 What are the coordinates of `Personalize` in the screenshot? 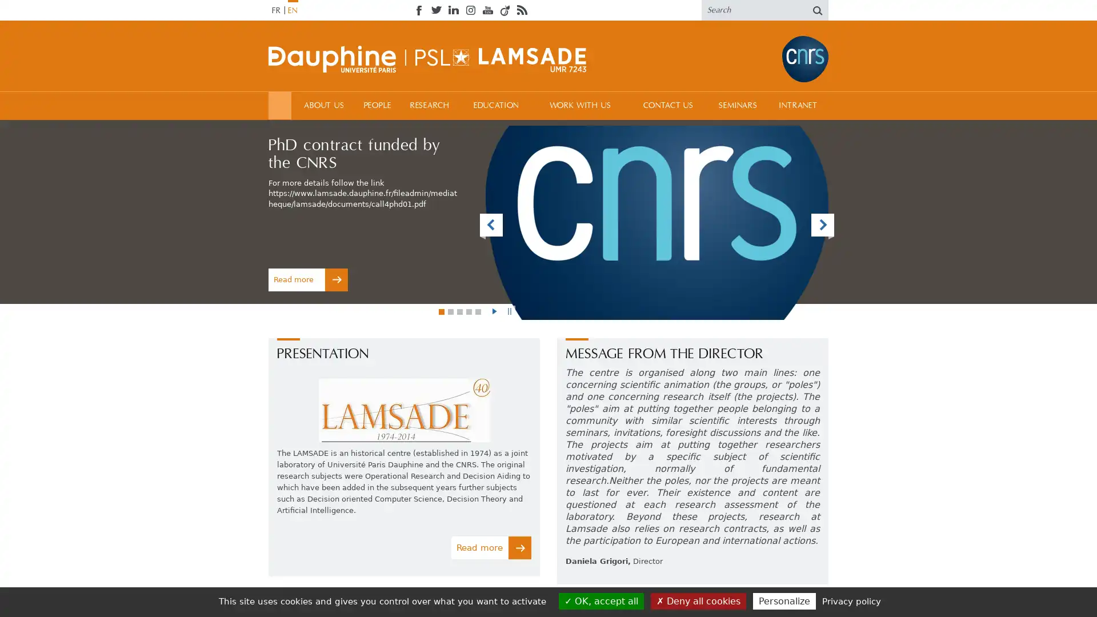 It's located at (783, 600).